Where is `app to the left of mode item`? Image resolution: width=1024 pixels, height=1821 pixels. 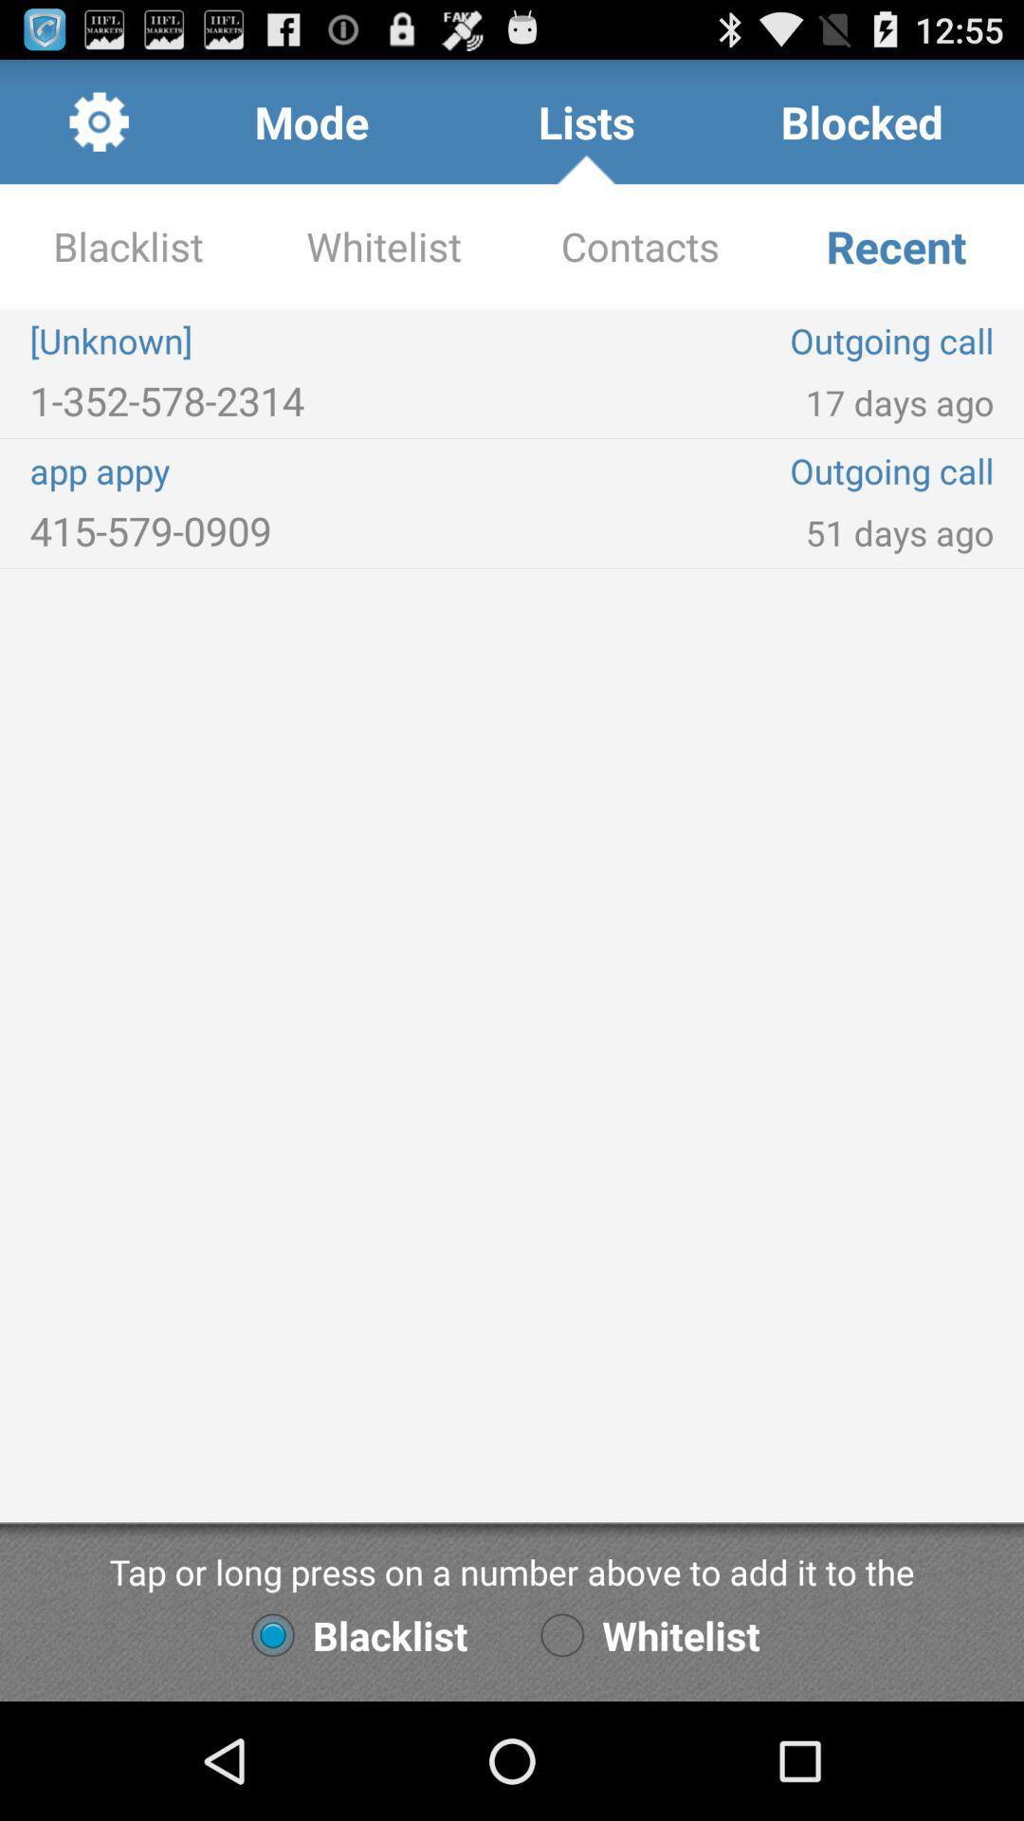 app to the left of mode item is located at coordinates (99, 120).